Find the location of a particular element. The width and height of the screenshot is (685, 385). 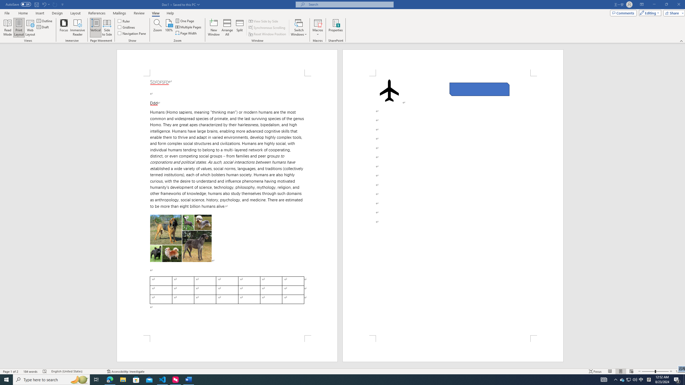

'Help' is located at coordinates (170, 13).